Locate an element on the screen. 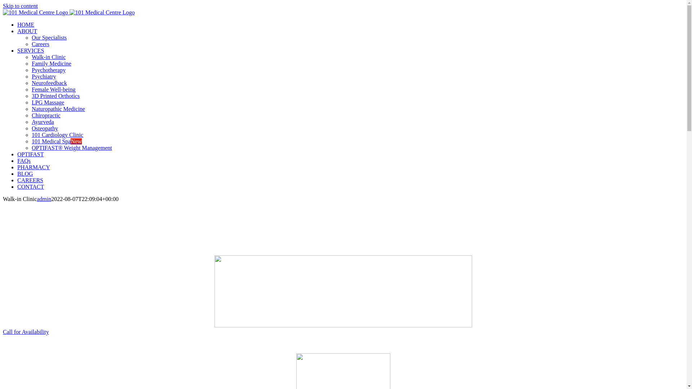  'Family Medicine' is located at coordinates (31, 63).